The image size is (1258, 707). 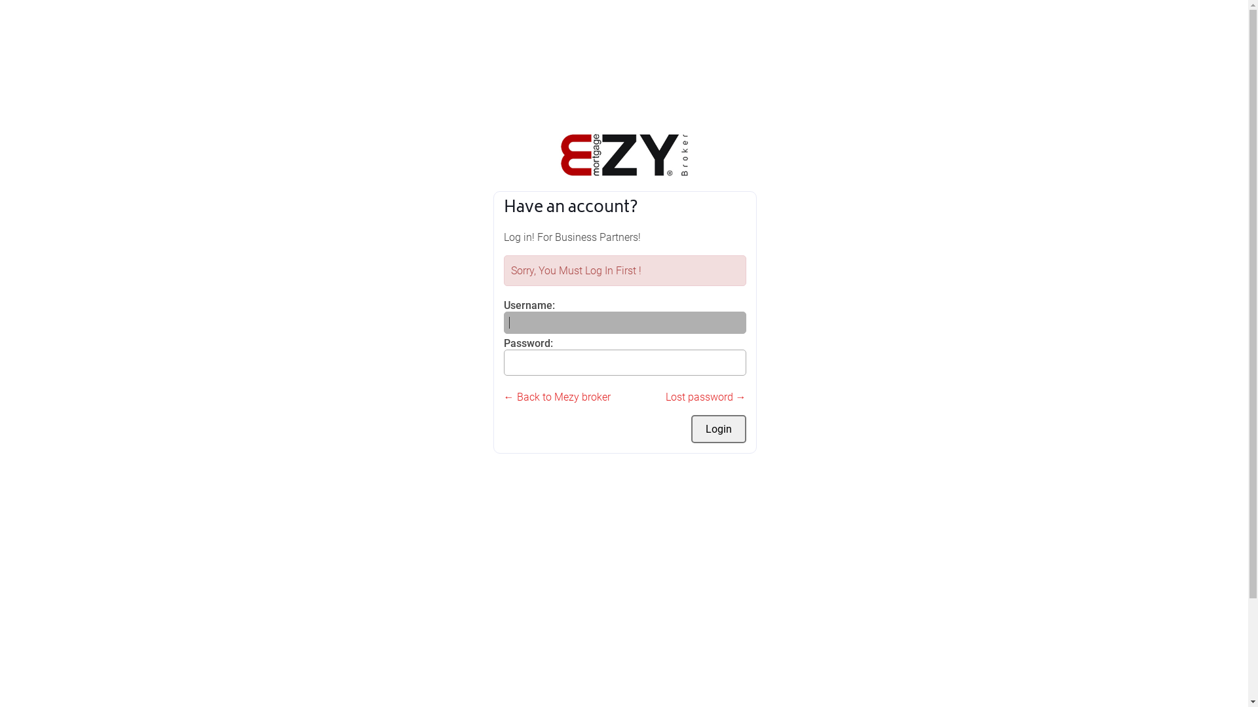 I want to click on 'Login', so click(x=717, y=429).